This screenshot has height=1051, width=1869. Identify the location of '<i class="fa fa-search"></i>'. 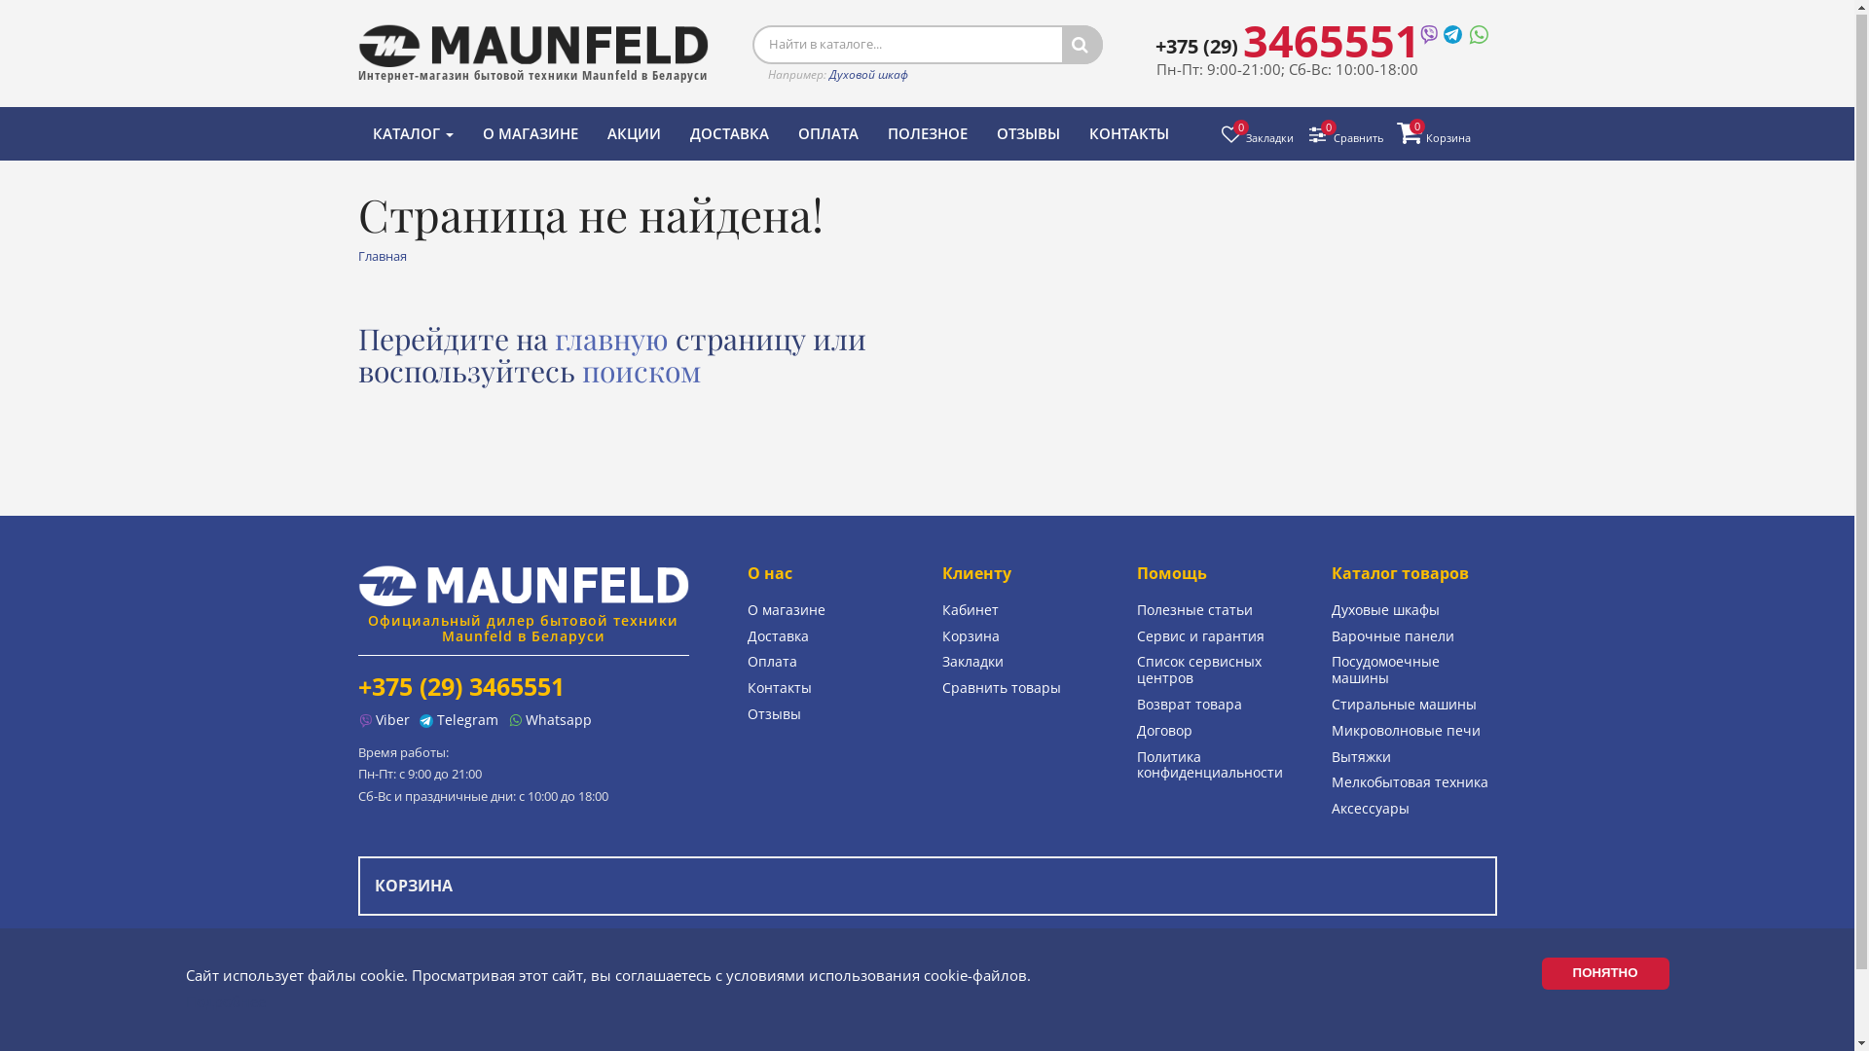
(1080, 44).